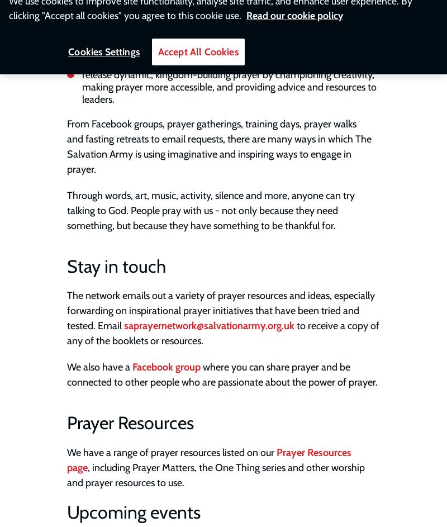 This screenshot has height=527, width=447. I want to click on 'Stay in touch', so click(116, 265).